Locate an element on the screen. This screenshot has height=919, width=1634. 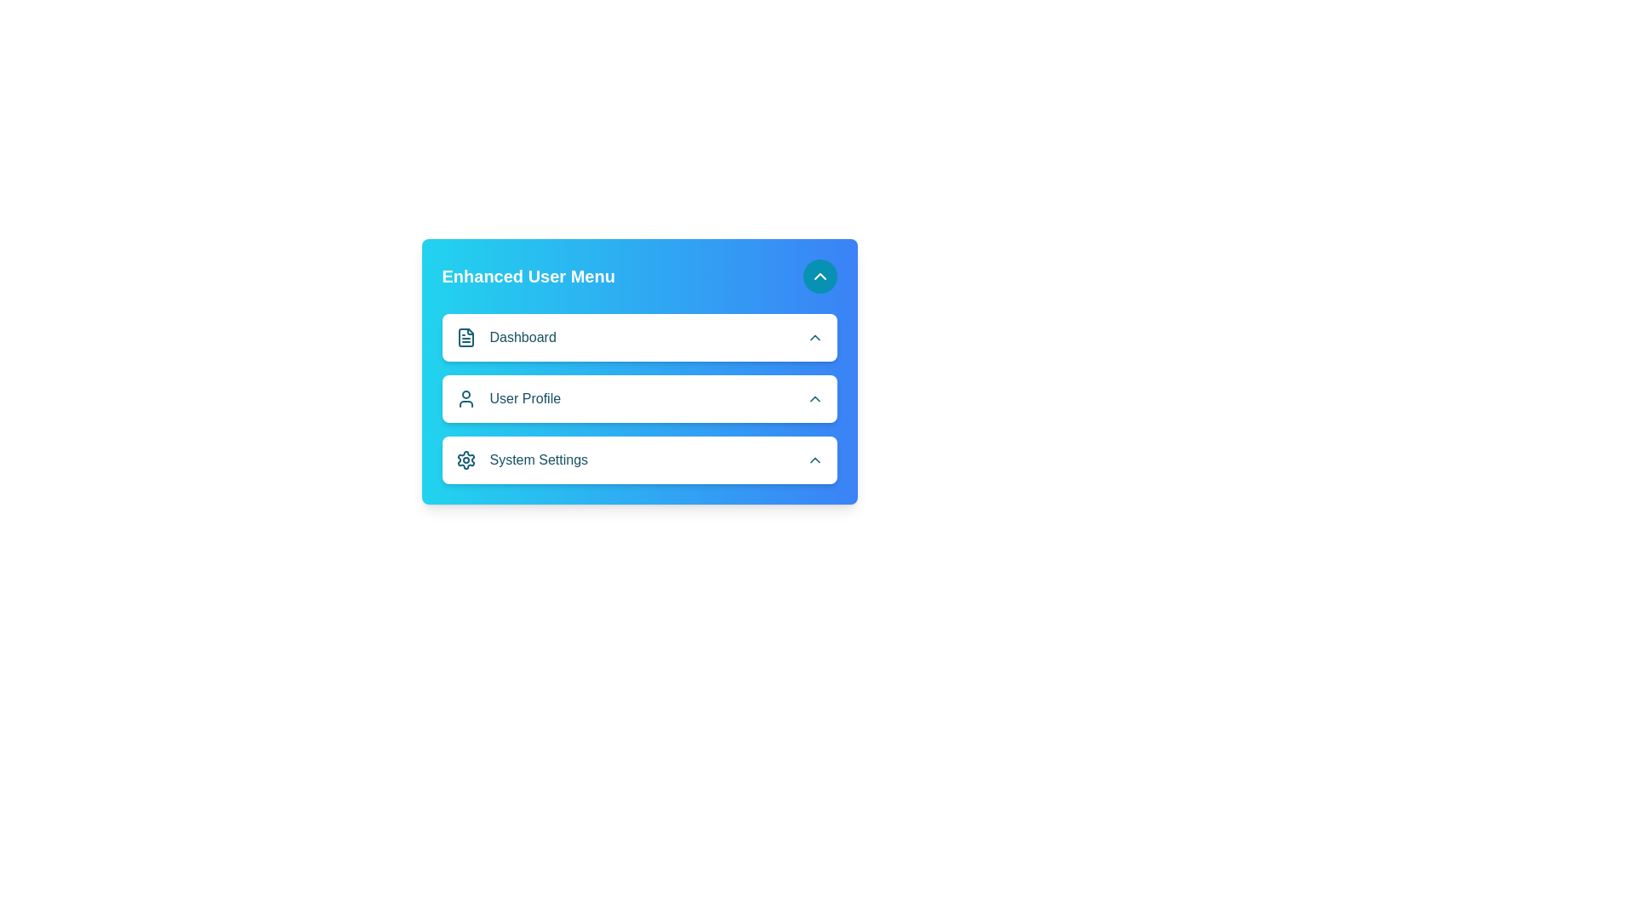
the Chevron up icon next to the Dashboard button is located at coordinates (814, 338).